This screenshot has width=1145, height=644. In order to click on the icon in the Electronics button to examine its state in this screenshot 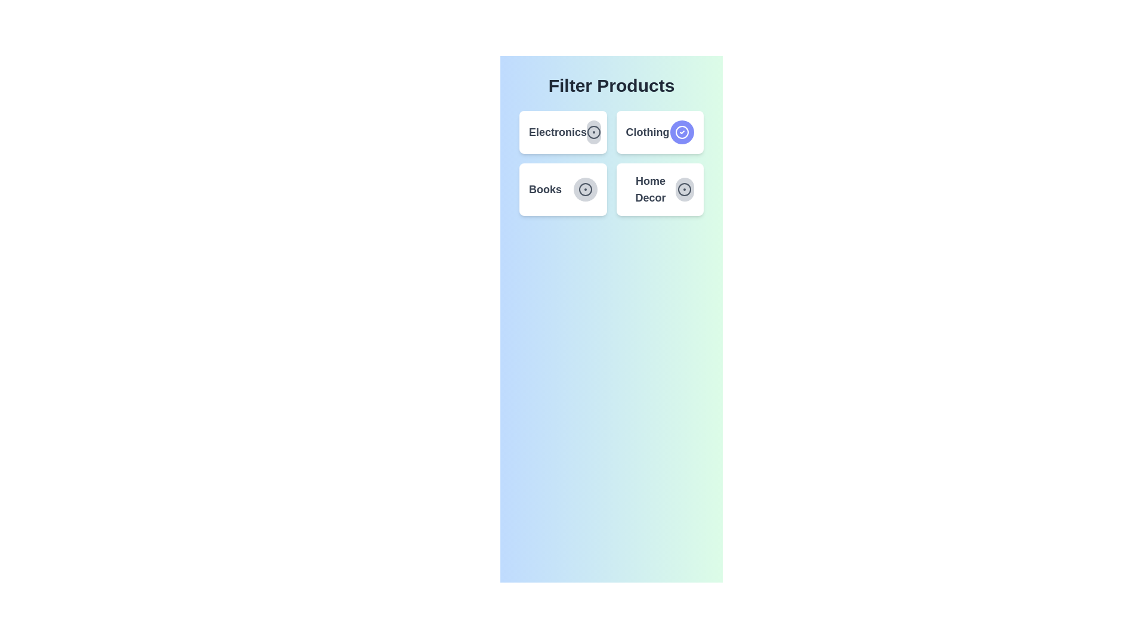, I will do `click(594, 132)`.